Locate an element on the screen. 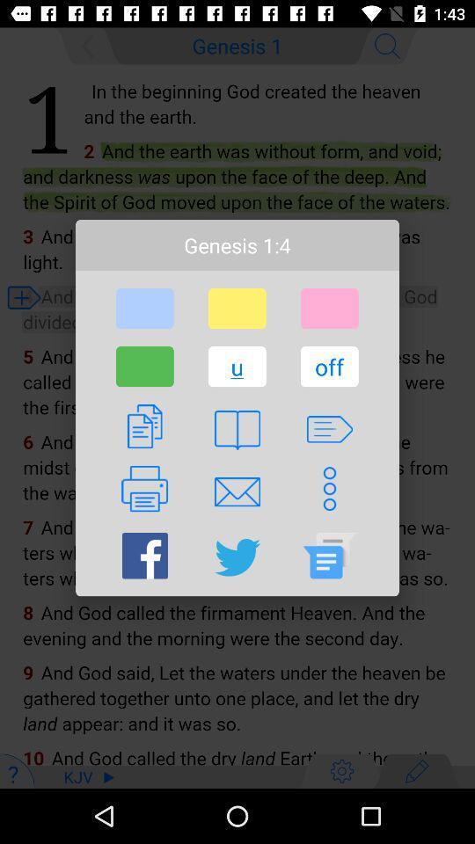 This screenshot has width=475, height=844. the icon above u button is located at coordinates (237, 309).